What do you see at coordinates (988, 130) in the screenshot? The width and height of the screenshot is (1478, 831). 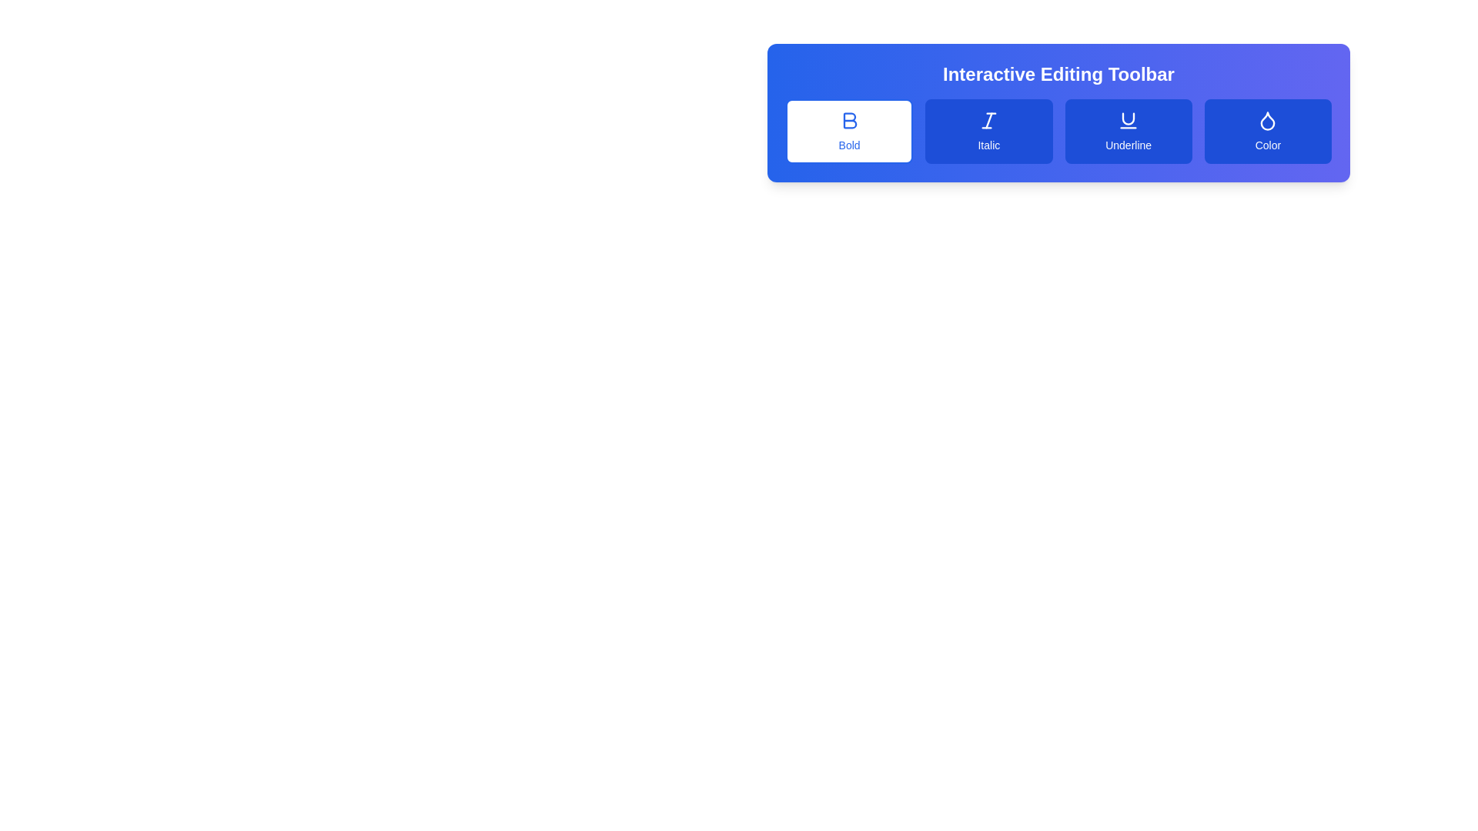 I see `the italic styling button located immediately to the right of the 'Bold' button in the top-right corner of the editor's toolbar` at bounding box center [988, 130].